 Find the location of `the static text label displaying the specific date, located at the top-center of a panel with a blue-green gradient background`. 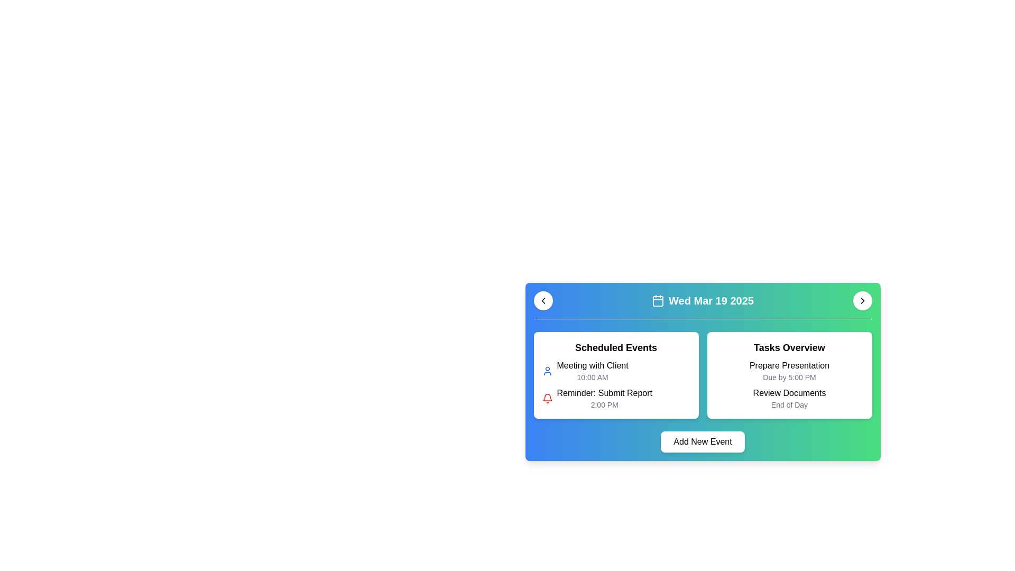

the static text label displaying the specific date, located at the top-center of a panel with a blue-green gradient background is located at coordinates (711, 301).